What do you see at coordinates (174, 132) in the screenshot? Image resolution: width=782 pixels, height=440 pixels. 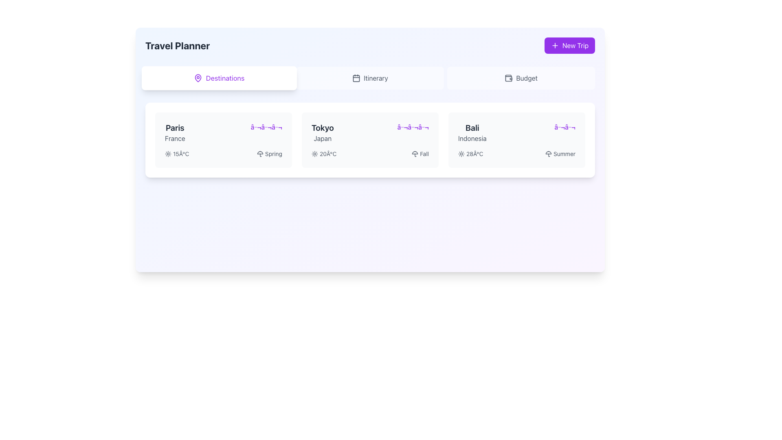 I see `the Text Label element displaying 'Paris' and 'France' in the top-left corner of the travel destination card` at bounding box center [174, 132].